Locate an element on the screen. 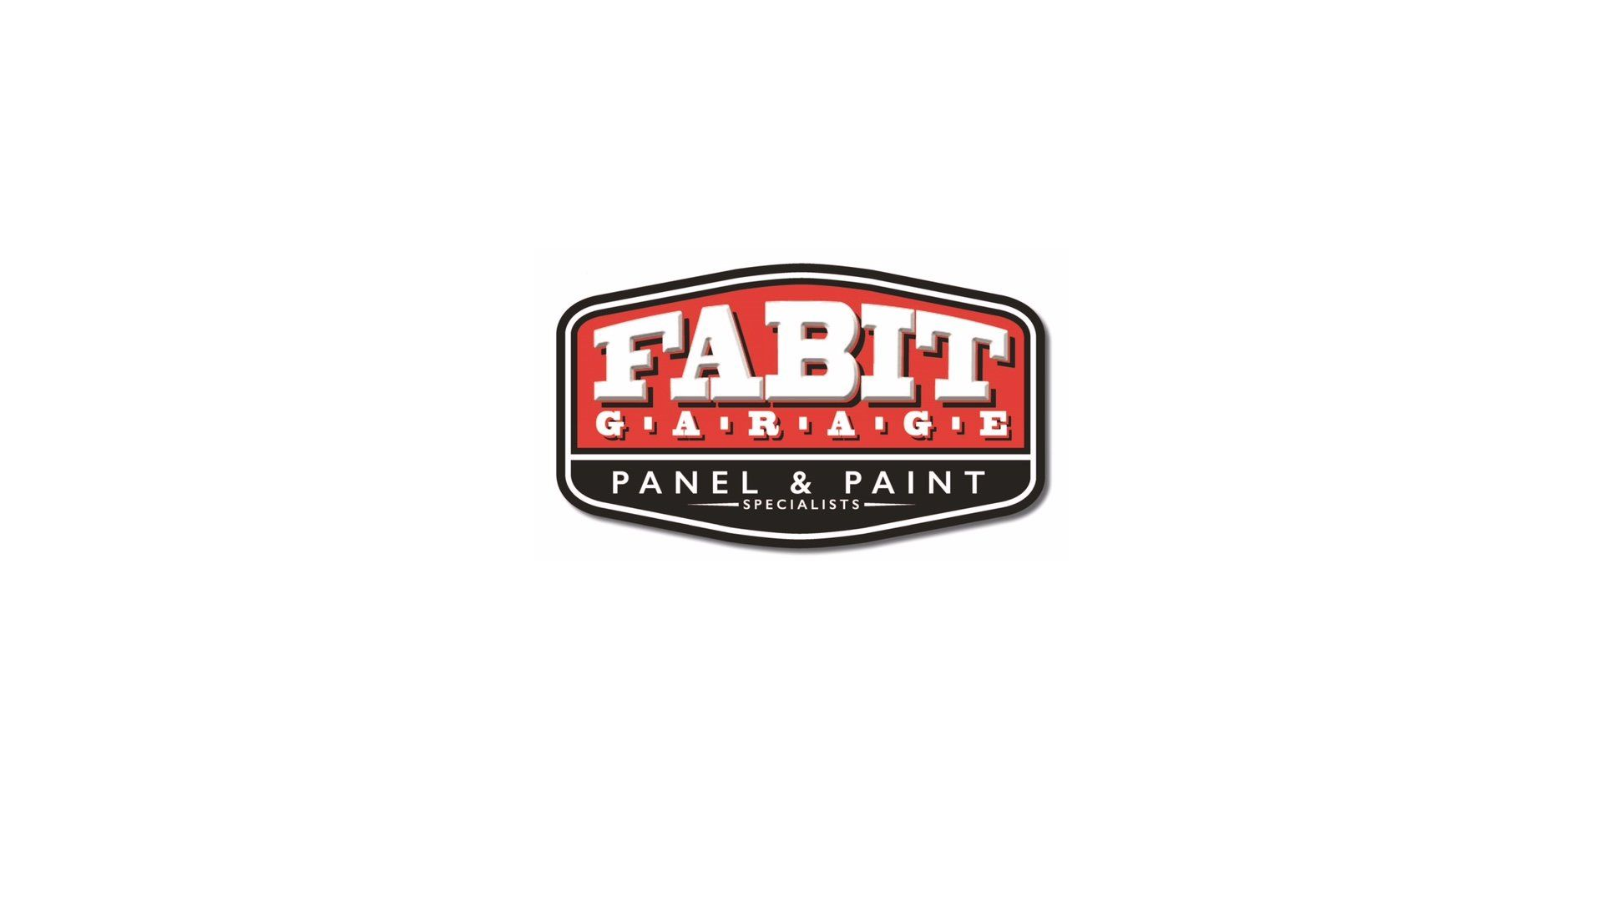 The image size is (1603, 901). 'FABIT GARAGE PANEL & PAINT' is located at coordinates (801, 405).